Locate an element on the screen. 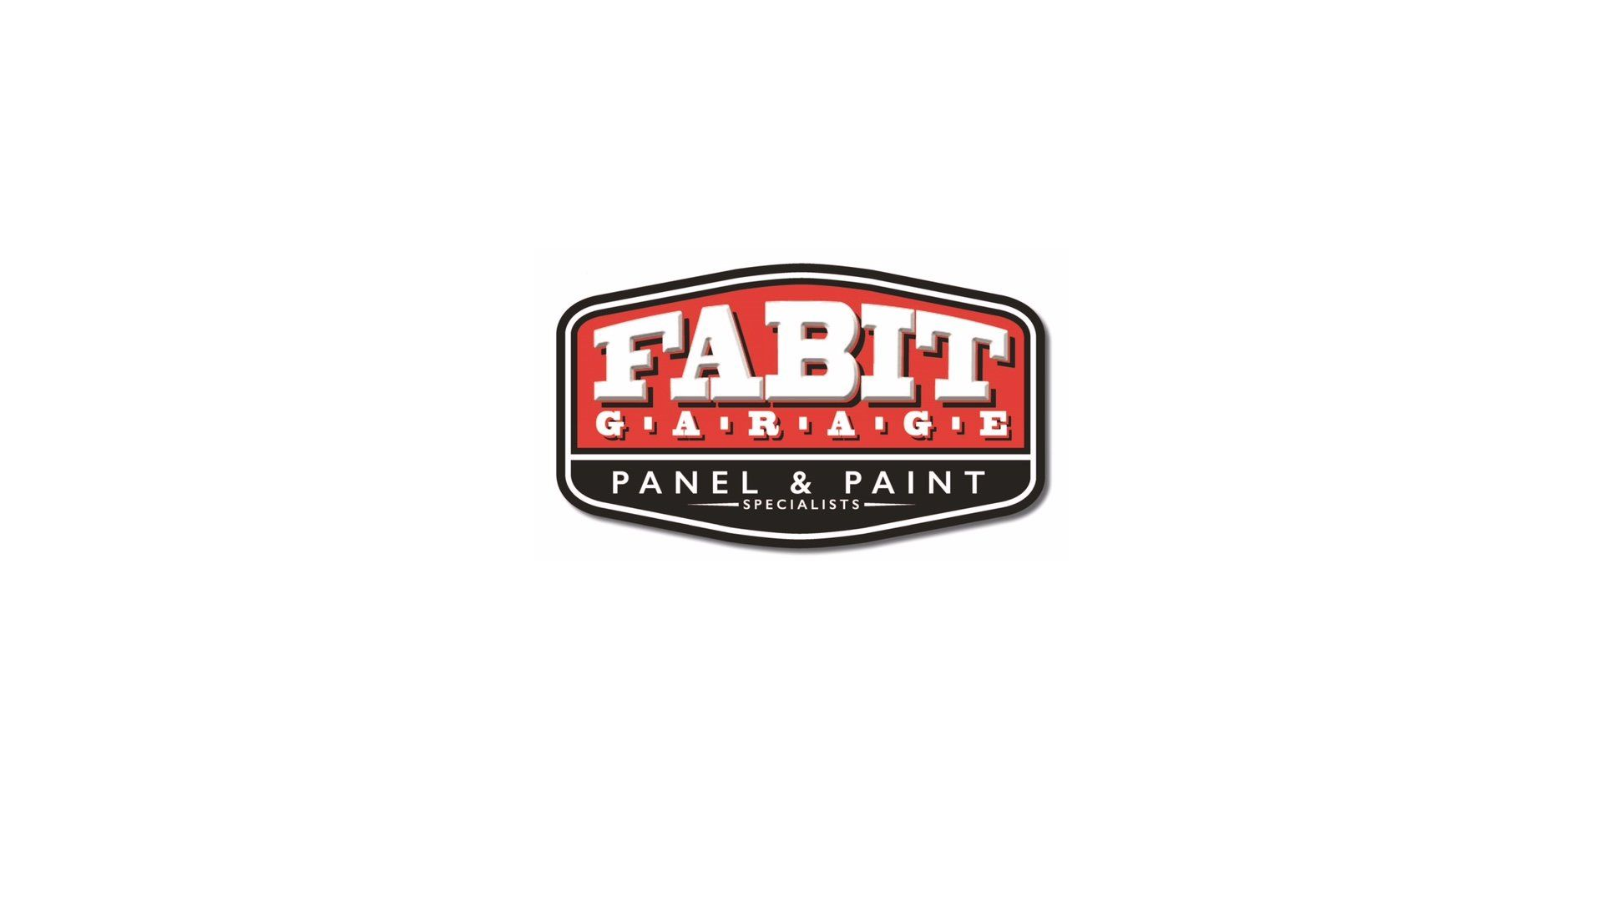 The image size is (1603, 901). 'FABIT GARAGE PANEL & PAINT' is located at coordinates (801, 405).